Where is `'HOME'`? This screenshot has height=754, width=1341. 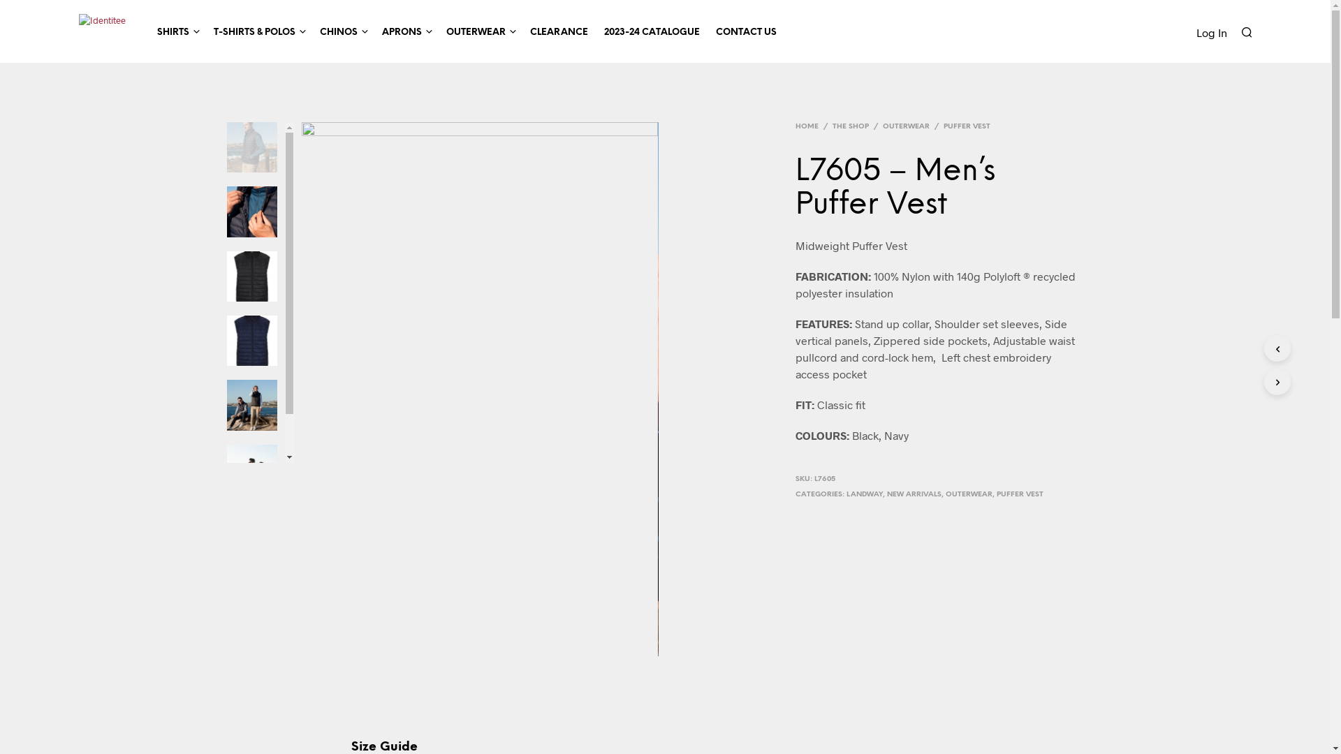
'HOME' is located at coordinates (809, 126).